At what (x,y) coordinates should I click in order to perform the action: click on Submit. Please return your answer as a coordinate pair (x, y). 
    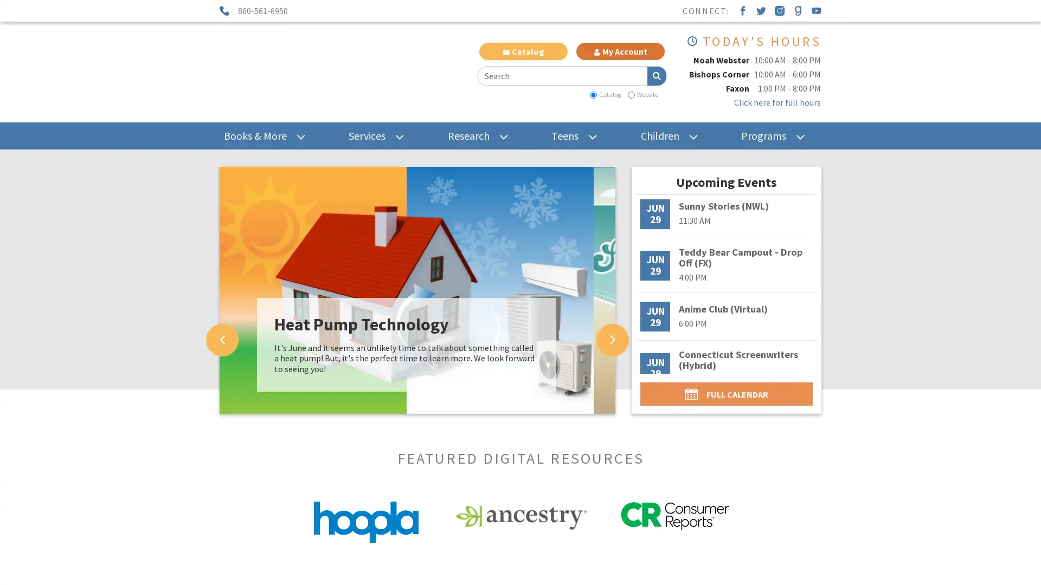
    Looking at the image, I should click on (656, 75).